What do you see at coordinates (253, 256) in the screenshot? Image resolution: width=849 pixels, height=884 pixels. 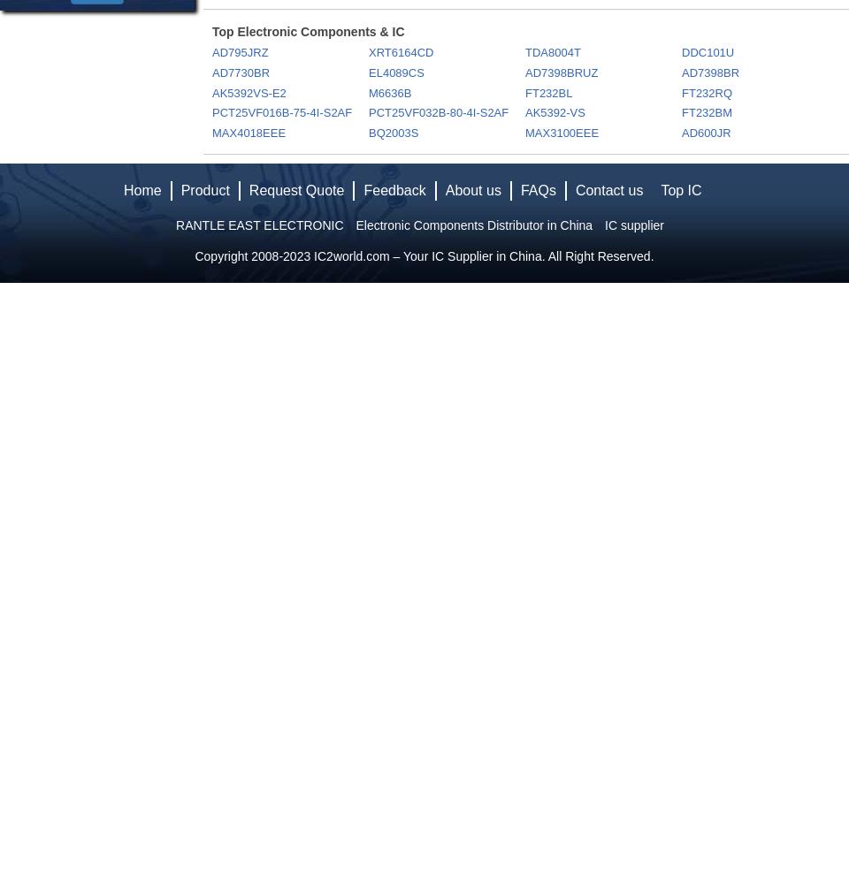 I see `'Copyright 2008-2023'` at bounding box center [253, 256].